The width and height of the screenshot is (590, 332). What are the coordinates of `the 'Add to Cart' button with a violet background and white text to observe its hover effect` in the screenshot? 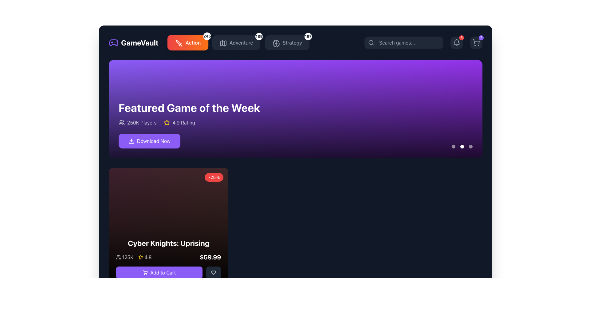 It's located at (159, 272).